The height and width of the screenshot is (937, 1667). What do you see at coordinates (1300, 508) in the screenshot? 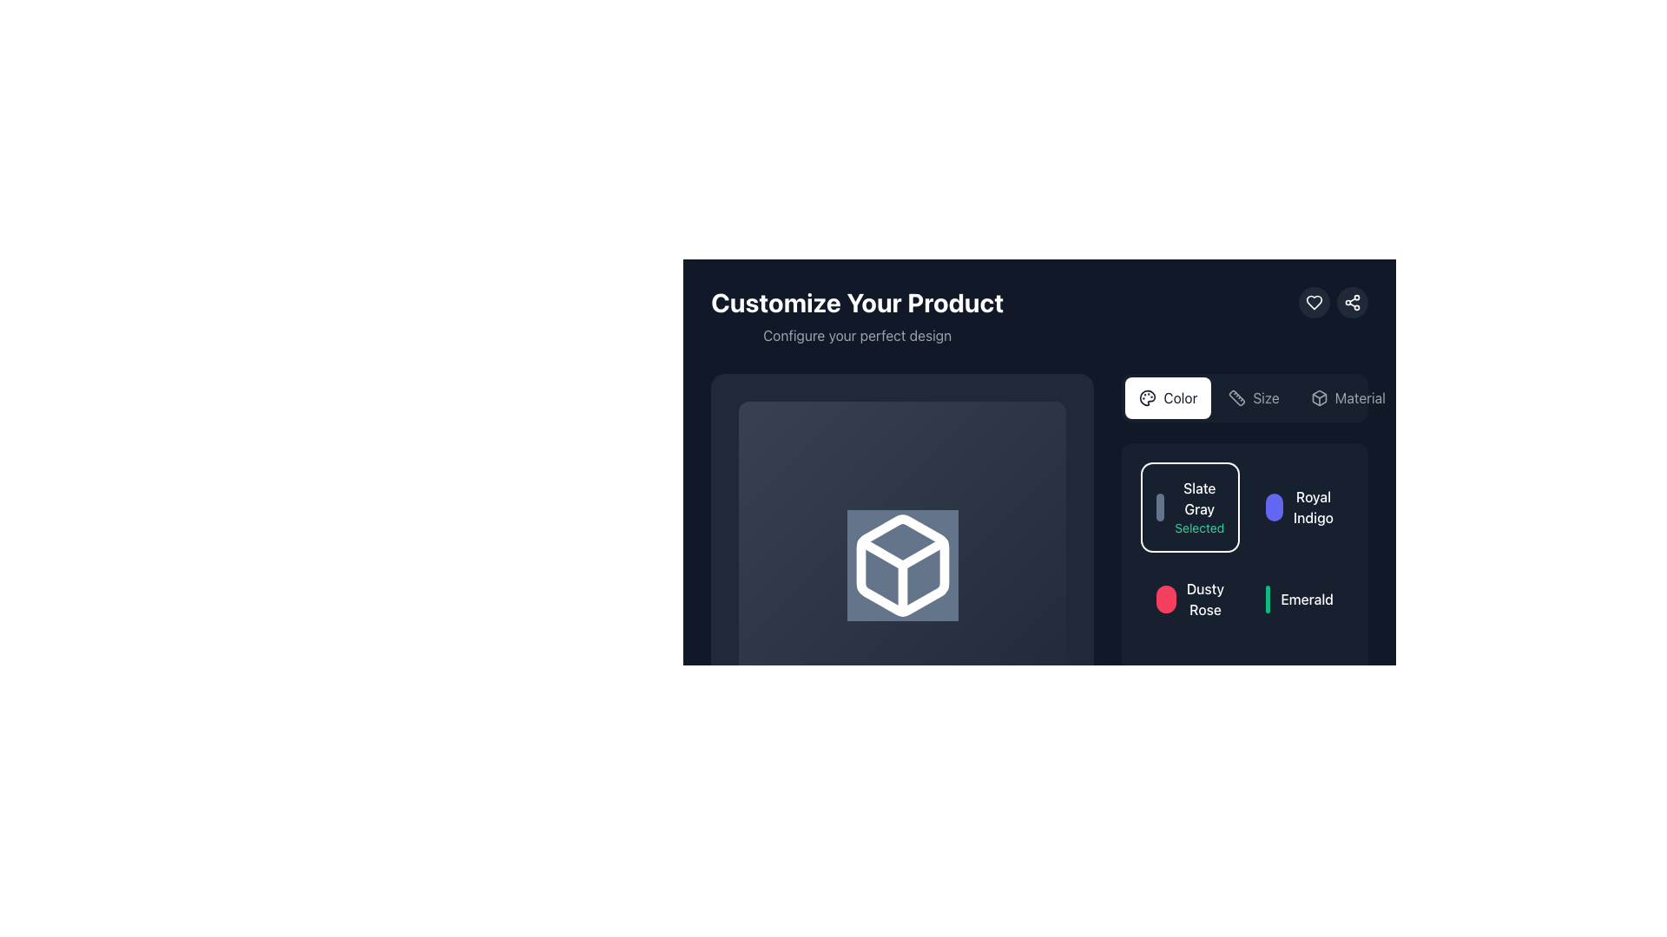
I see `the 'Royal Indigo' selectable option button located in the top row, second column of the grid for keyboard navigation` at bounding box center [1300, 508].